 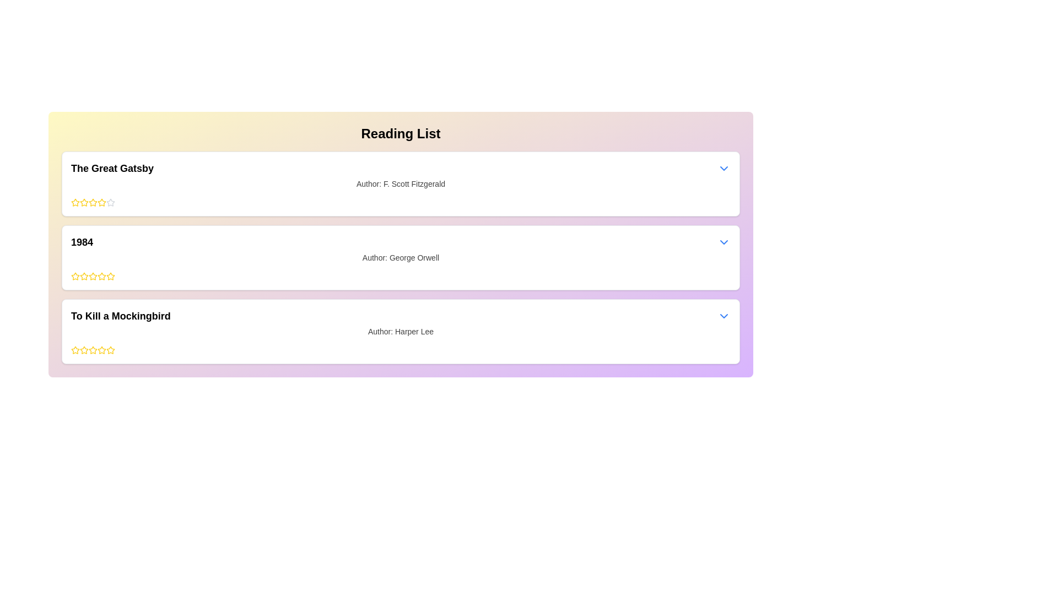 What do you see at coordinates (102, 202) in the screenshot?
I see `the sixth star in a horizontal row of seven stars representing a rating system under the book title 'The Great Gatsby'` at bounding box center [102, 202].